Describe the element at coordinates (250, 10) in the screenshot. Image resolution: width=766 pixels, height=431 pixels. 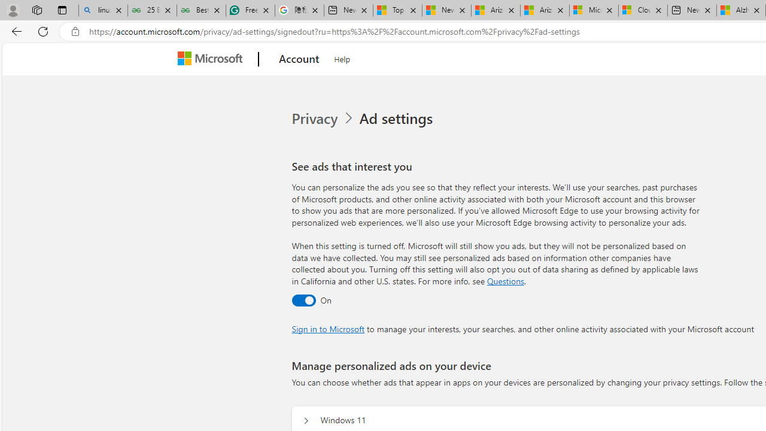
I see `'Free AI Writing Assistance for Students | Grammarly'` at that location.